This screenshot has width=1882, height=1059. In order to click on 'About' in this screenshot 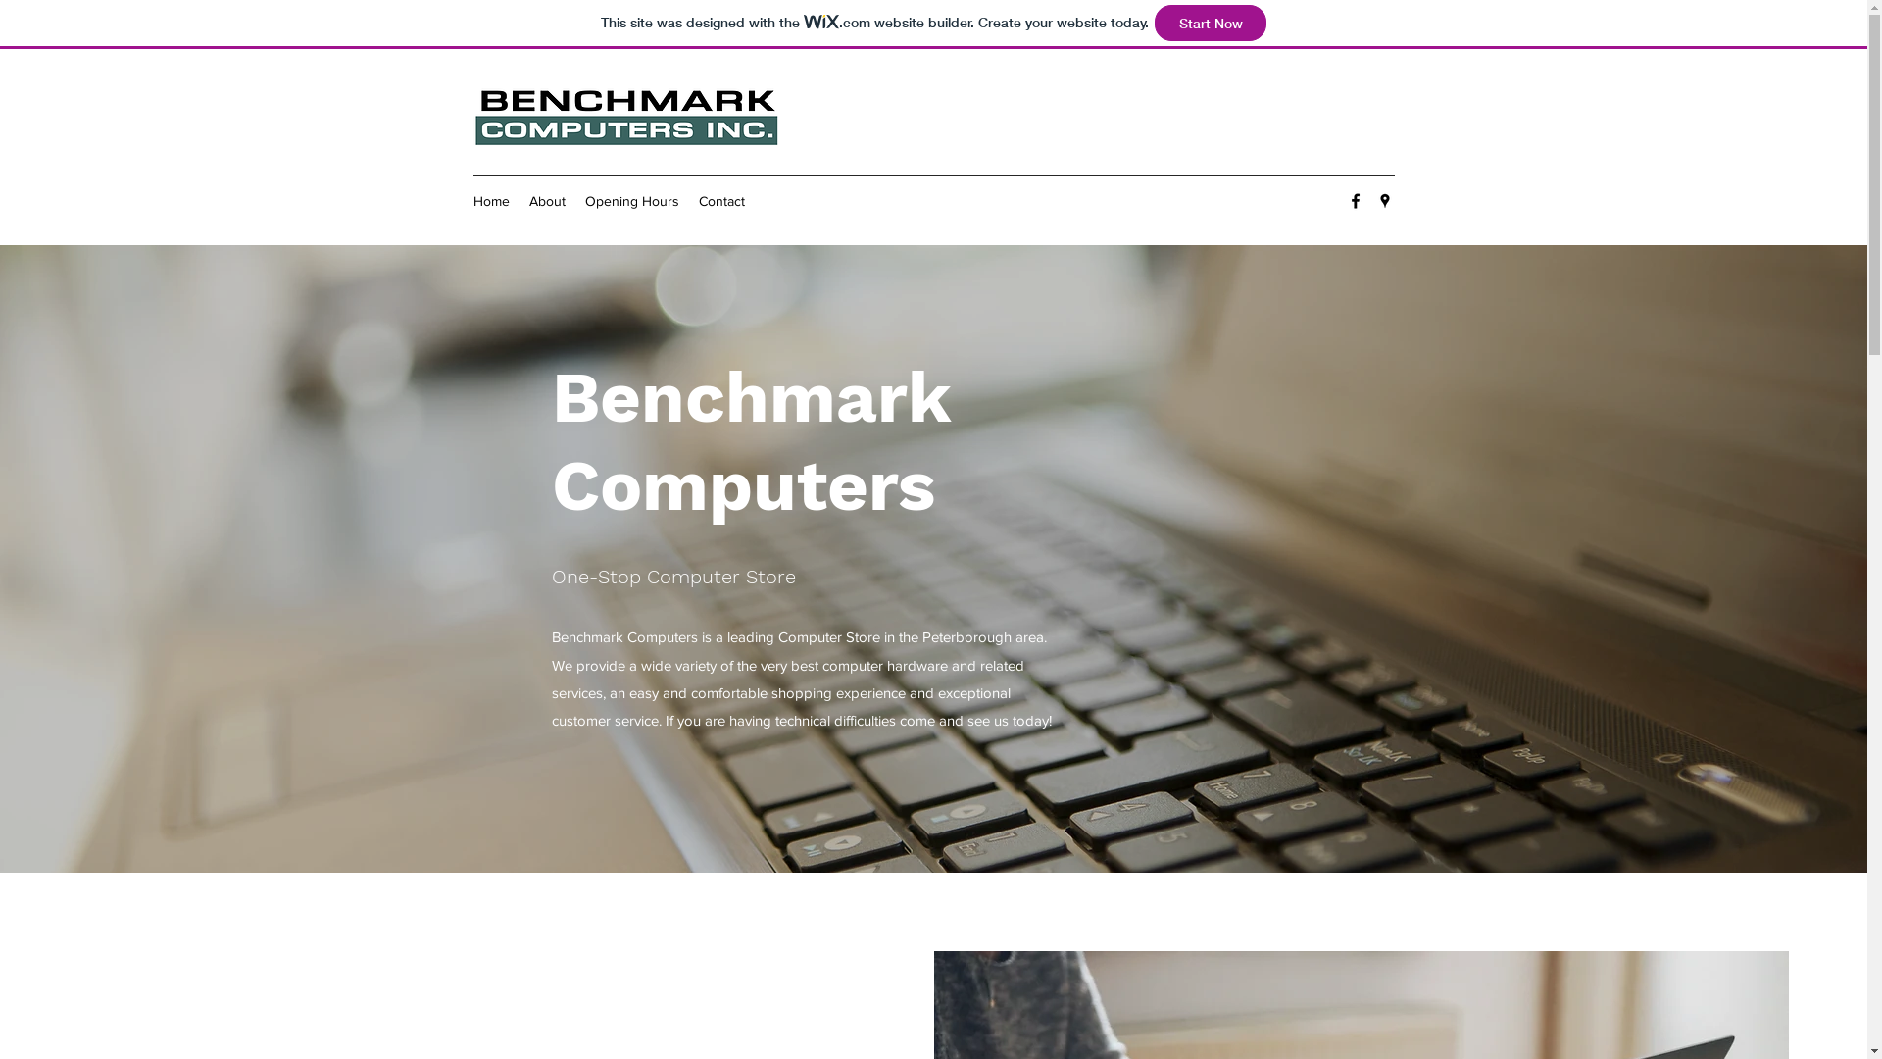, I will do `click(547, 200)`.